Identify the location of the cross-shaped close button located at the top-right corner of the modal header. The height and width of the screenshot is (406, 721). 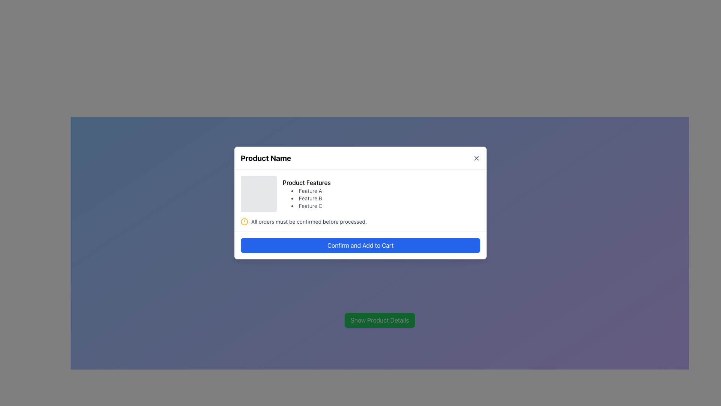
(476, 158).